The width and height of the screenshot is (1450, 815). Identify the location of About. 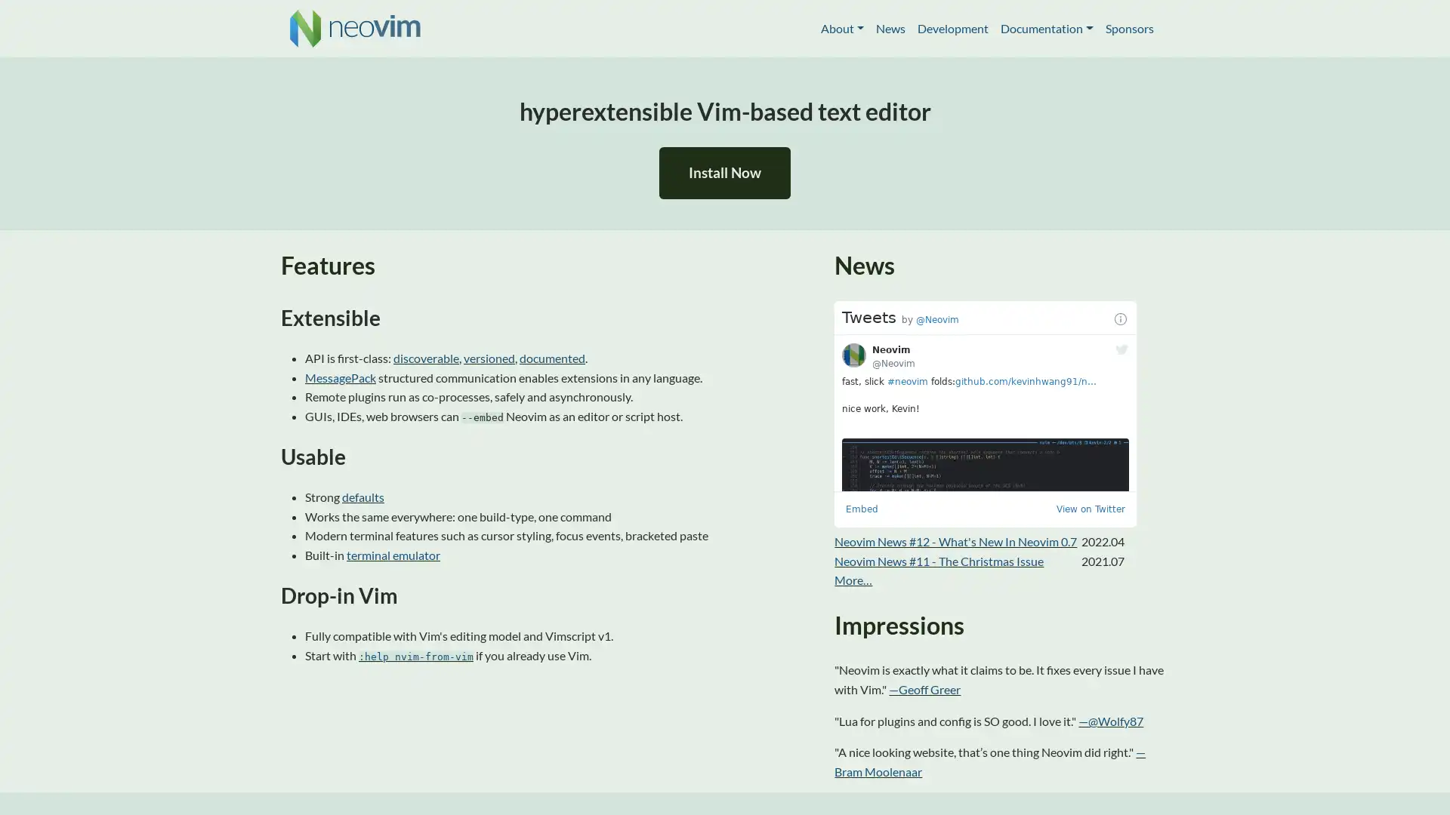
(841, 28).